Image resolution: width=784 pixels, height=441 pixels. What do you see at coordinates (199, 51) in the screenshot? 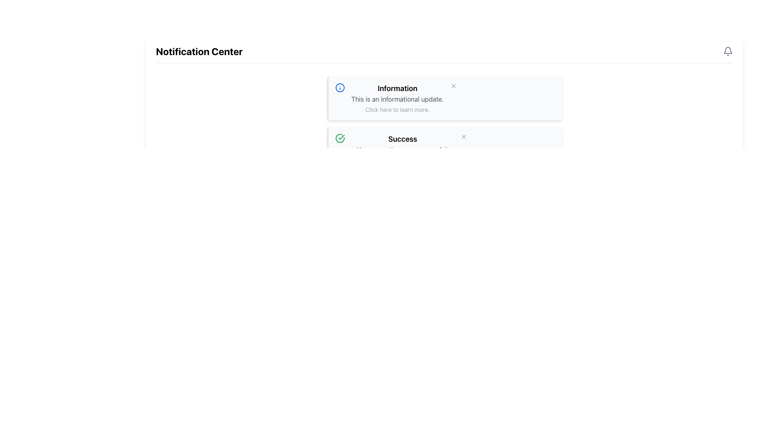
I see `bold-text heading labeled 'Notification Center' located at the top left of the interface, surrounded by whitespace` at bounding box center [199, 51].